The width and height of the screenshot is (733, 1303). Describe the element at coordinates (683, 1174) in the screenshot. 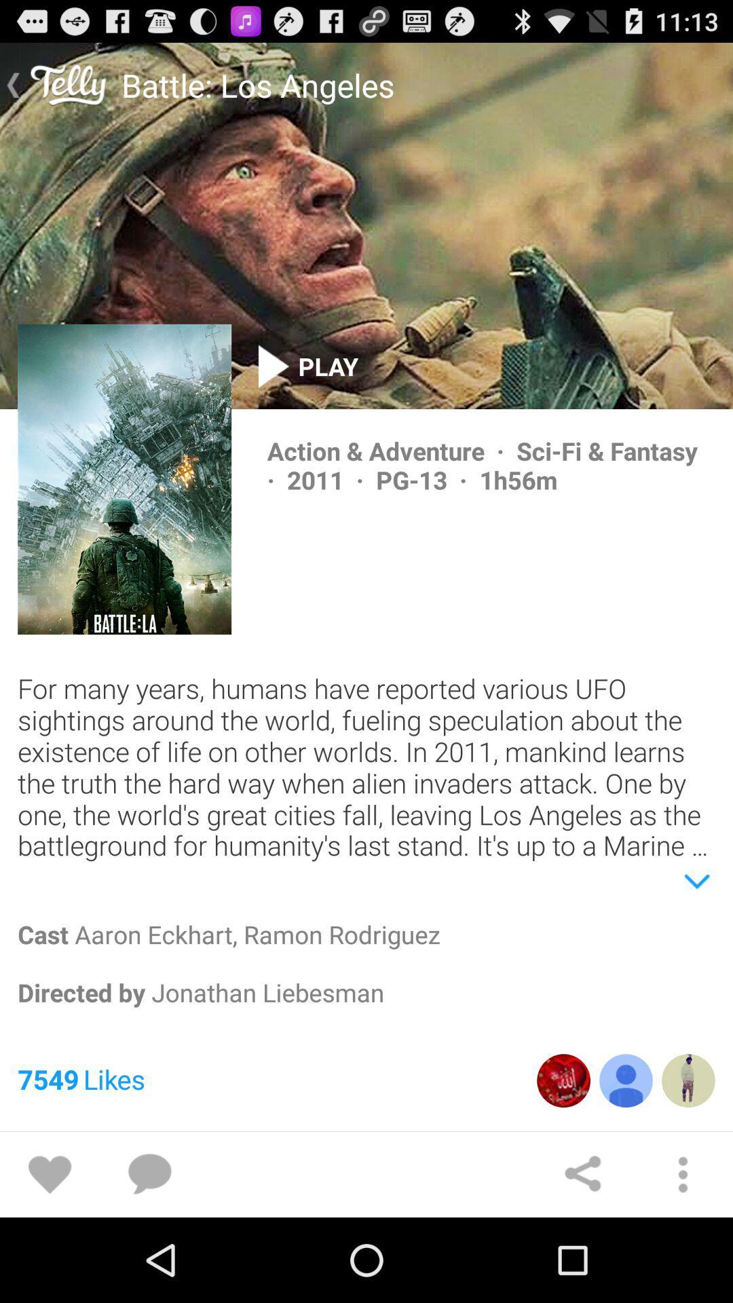

I see `options` at that location.